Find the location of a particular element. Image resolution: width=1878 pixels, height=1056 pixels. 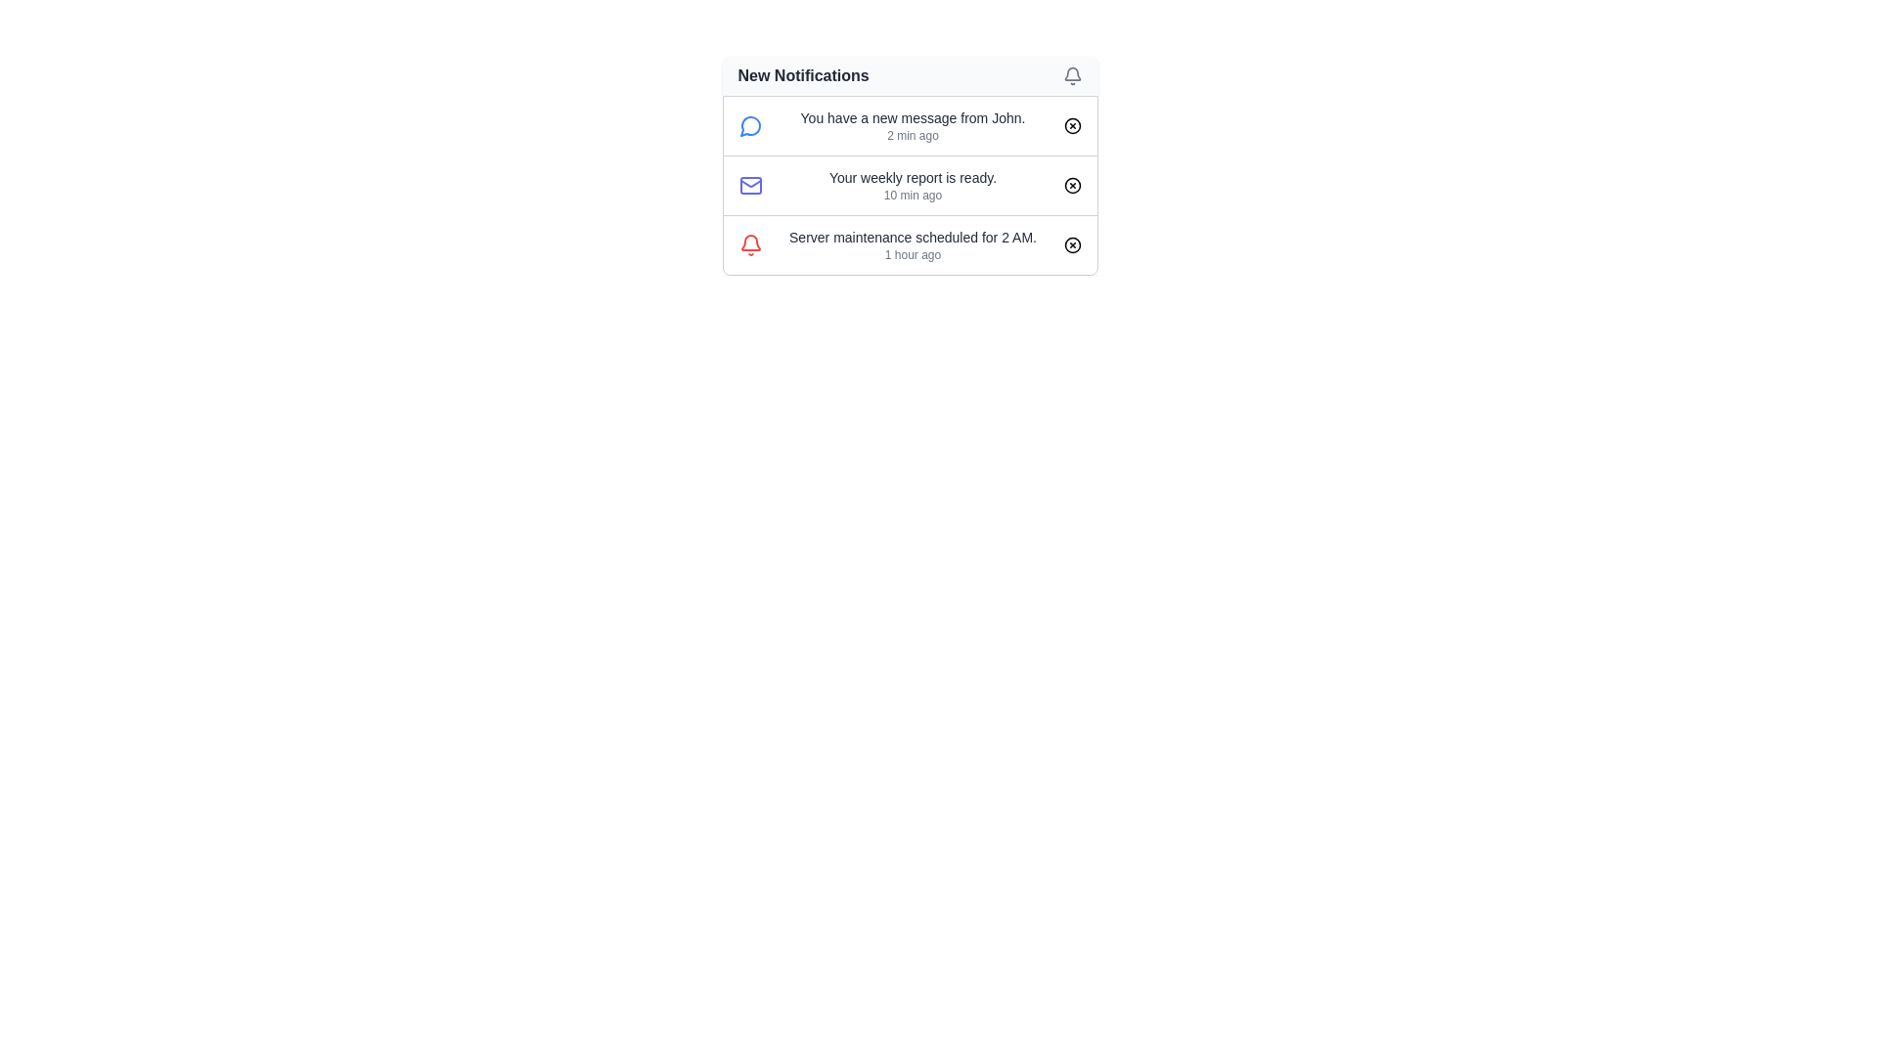

the mail icon with an indigo thin-stroke outline and filled interior, located to the left of the text 'Your weekly report is ready' for accessibility purposes is located at coordinates (749, 185).